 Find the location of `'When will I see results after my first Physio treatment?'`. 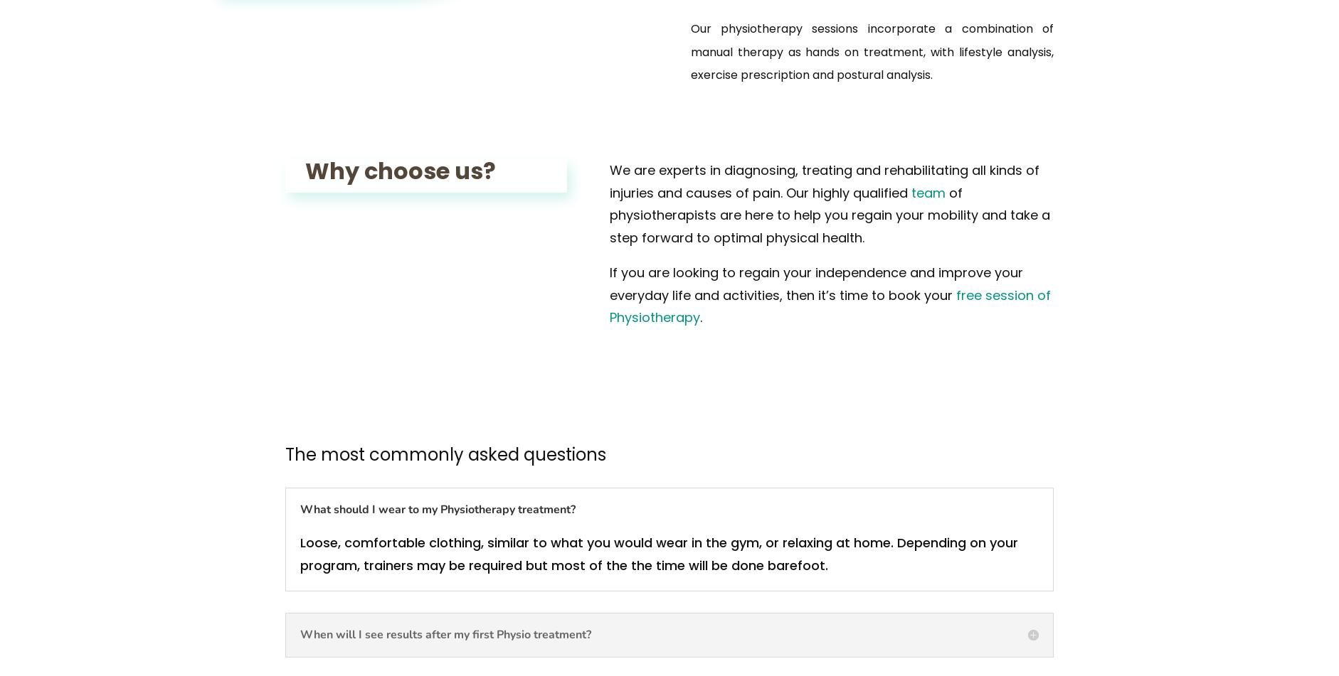

'When will I see results after my first Physio treatment?' is located at coordinates (445, 633).